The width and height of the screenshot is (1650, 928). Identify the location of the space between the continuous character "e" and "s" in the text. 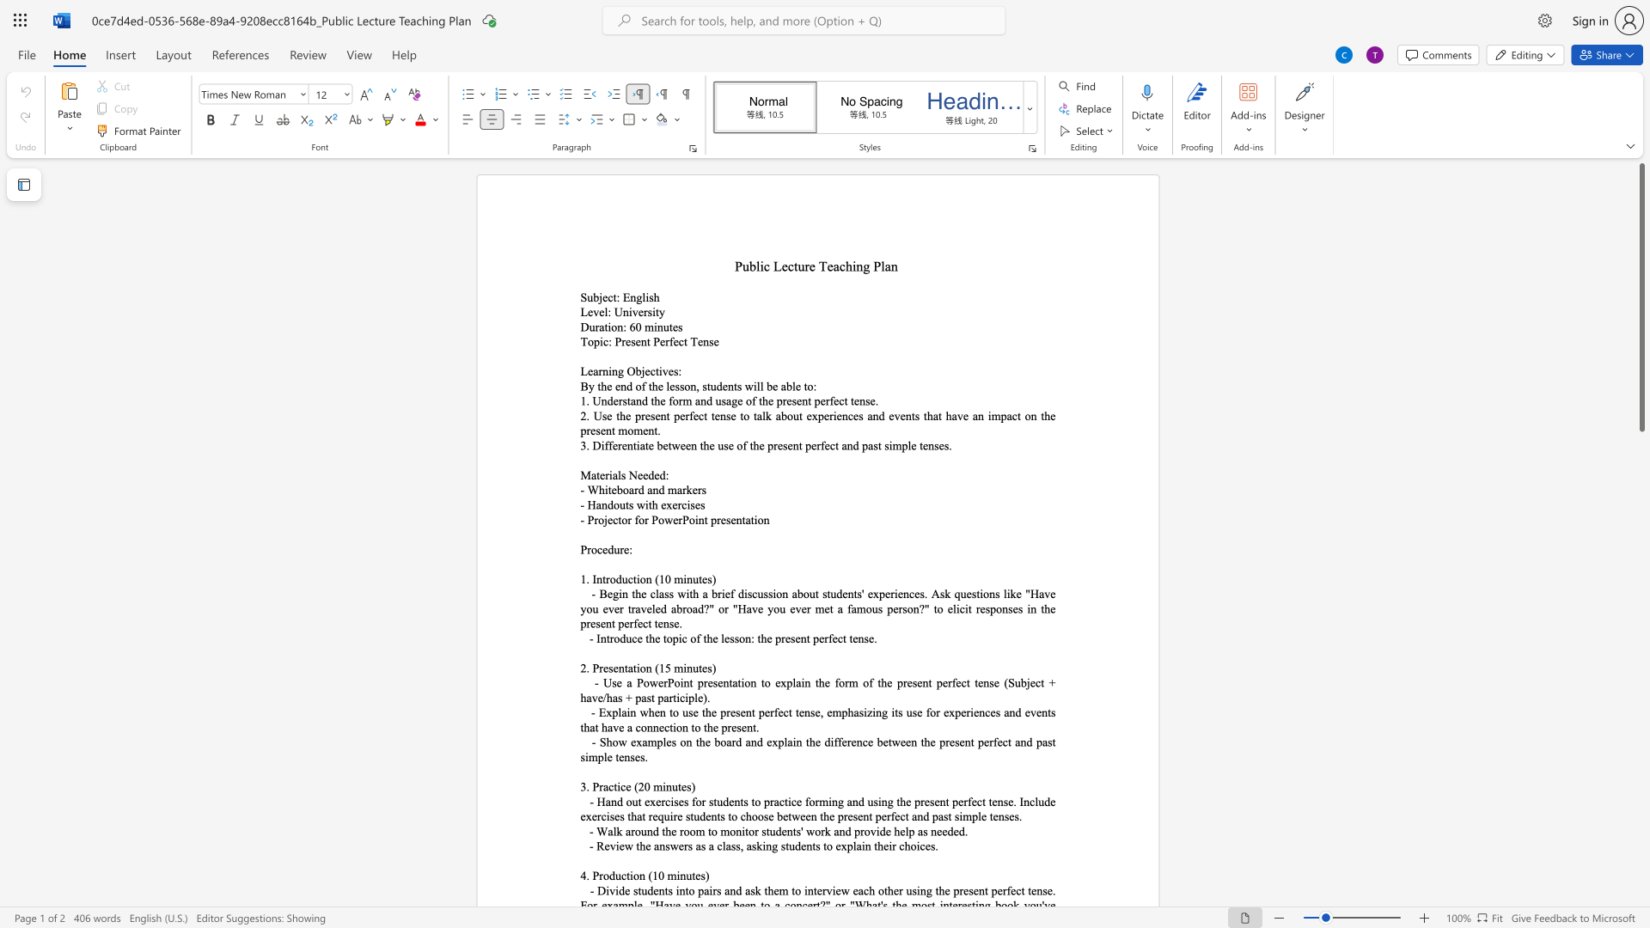
(672, 370).